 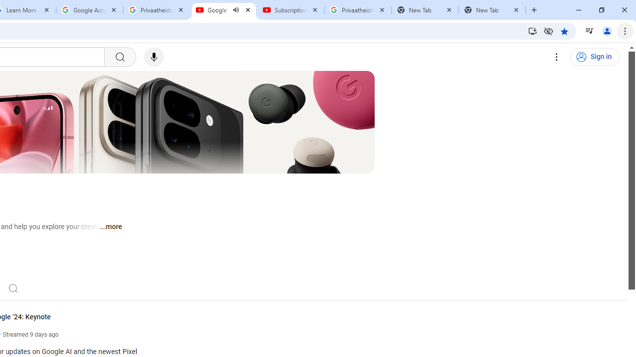 What do you see at coordinates (492, 10) in the screenshot?
I see `'New Tab'` at bounding box center [492, 10].